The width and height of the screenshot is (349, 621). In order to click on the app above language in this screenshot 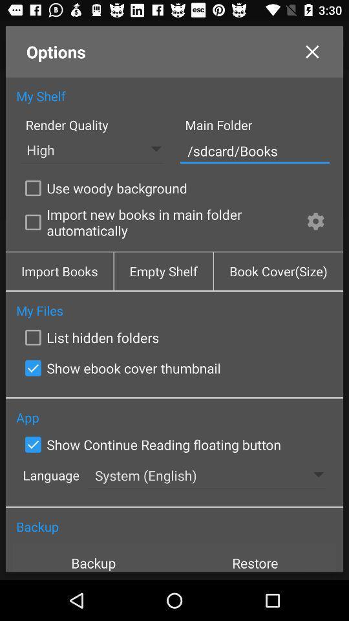, I will do `click(149, 444)`.